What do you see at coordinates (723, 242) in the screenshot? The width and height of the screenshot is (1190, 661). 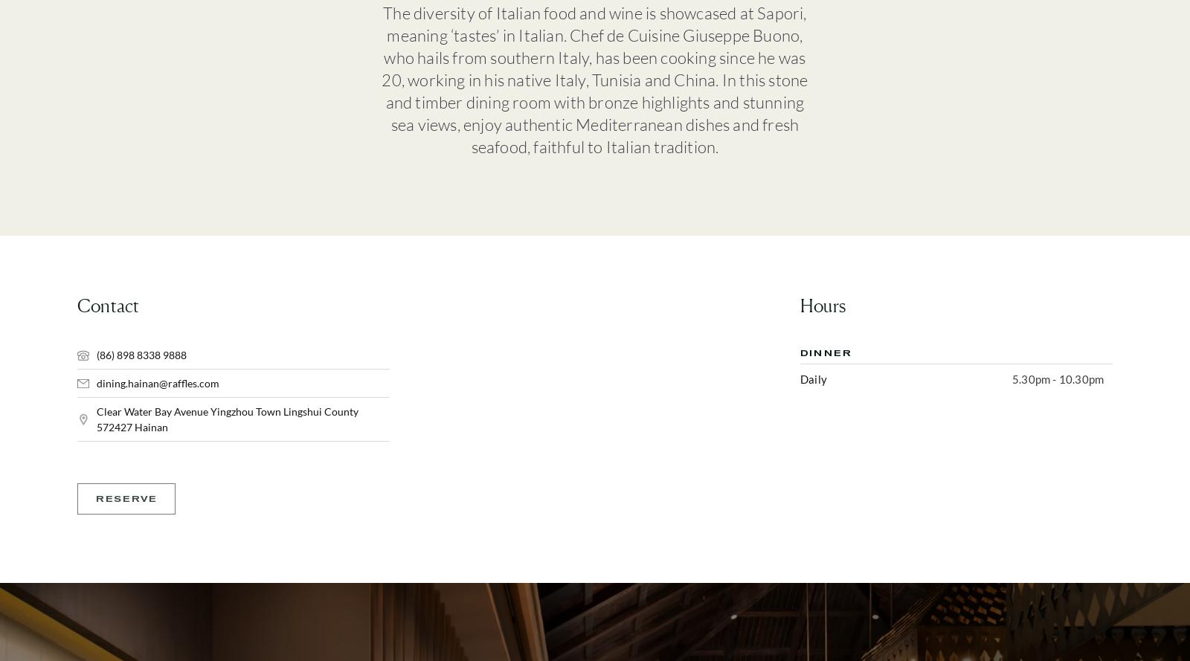 I see `'Explore'` at bounding box center [723, 242].